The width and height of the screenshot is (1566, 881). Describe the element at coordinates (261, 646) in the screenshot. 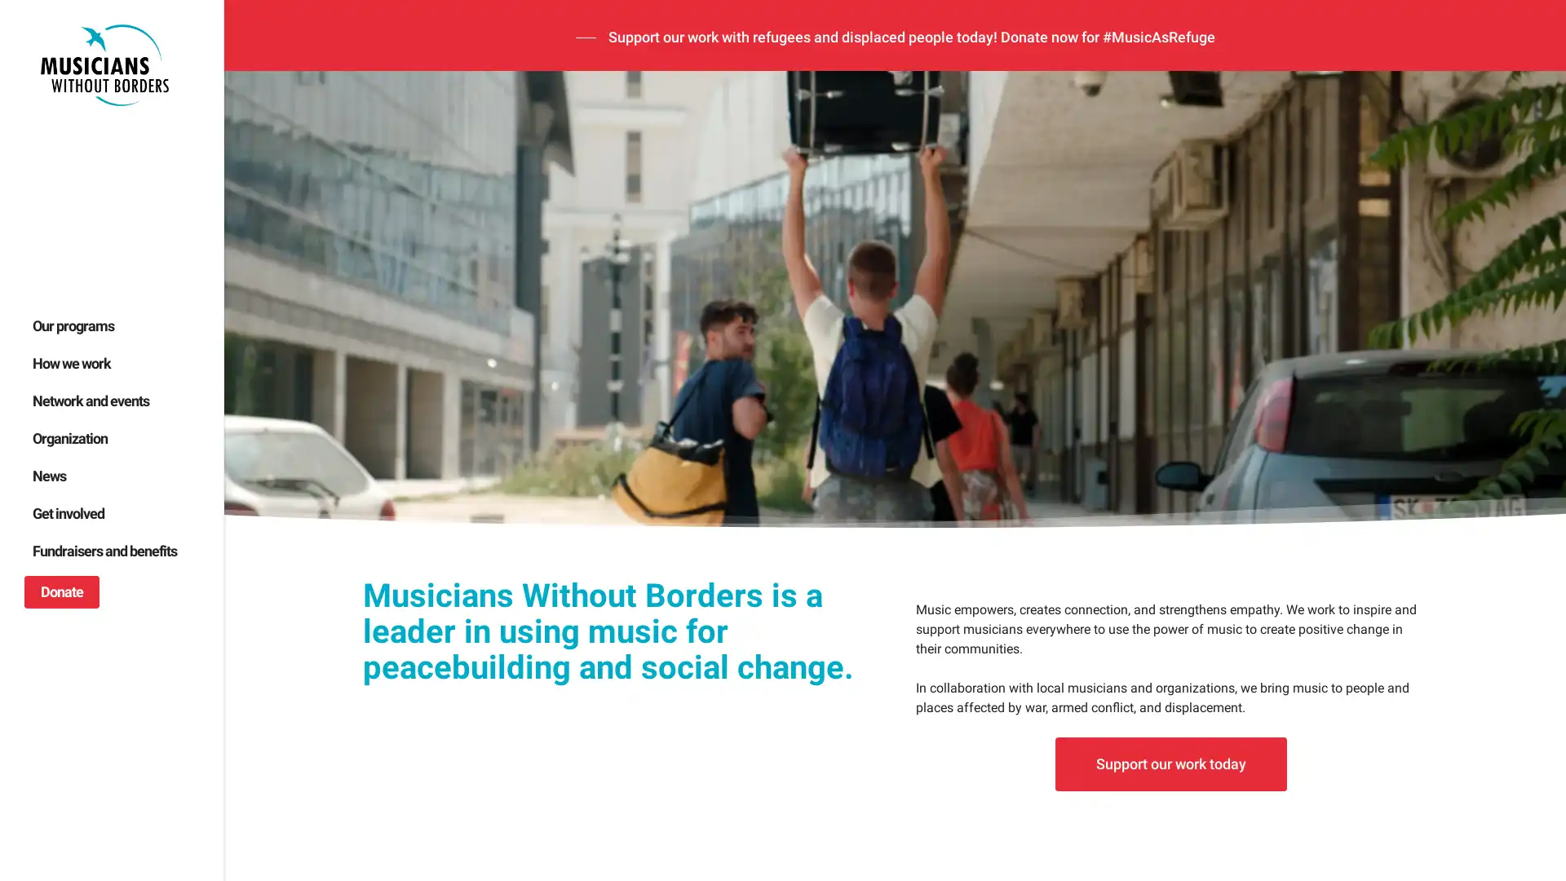

I see `play` at that location.